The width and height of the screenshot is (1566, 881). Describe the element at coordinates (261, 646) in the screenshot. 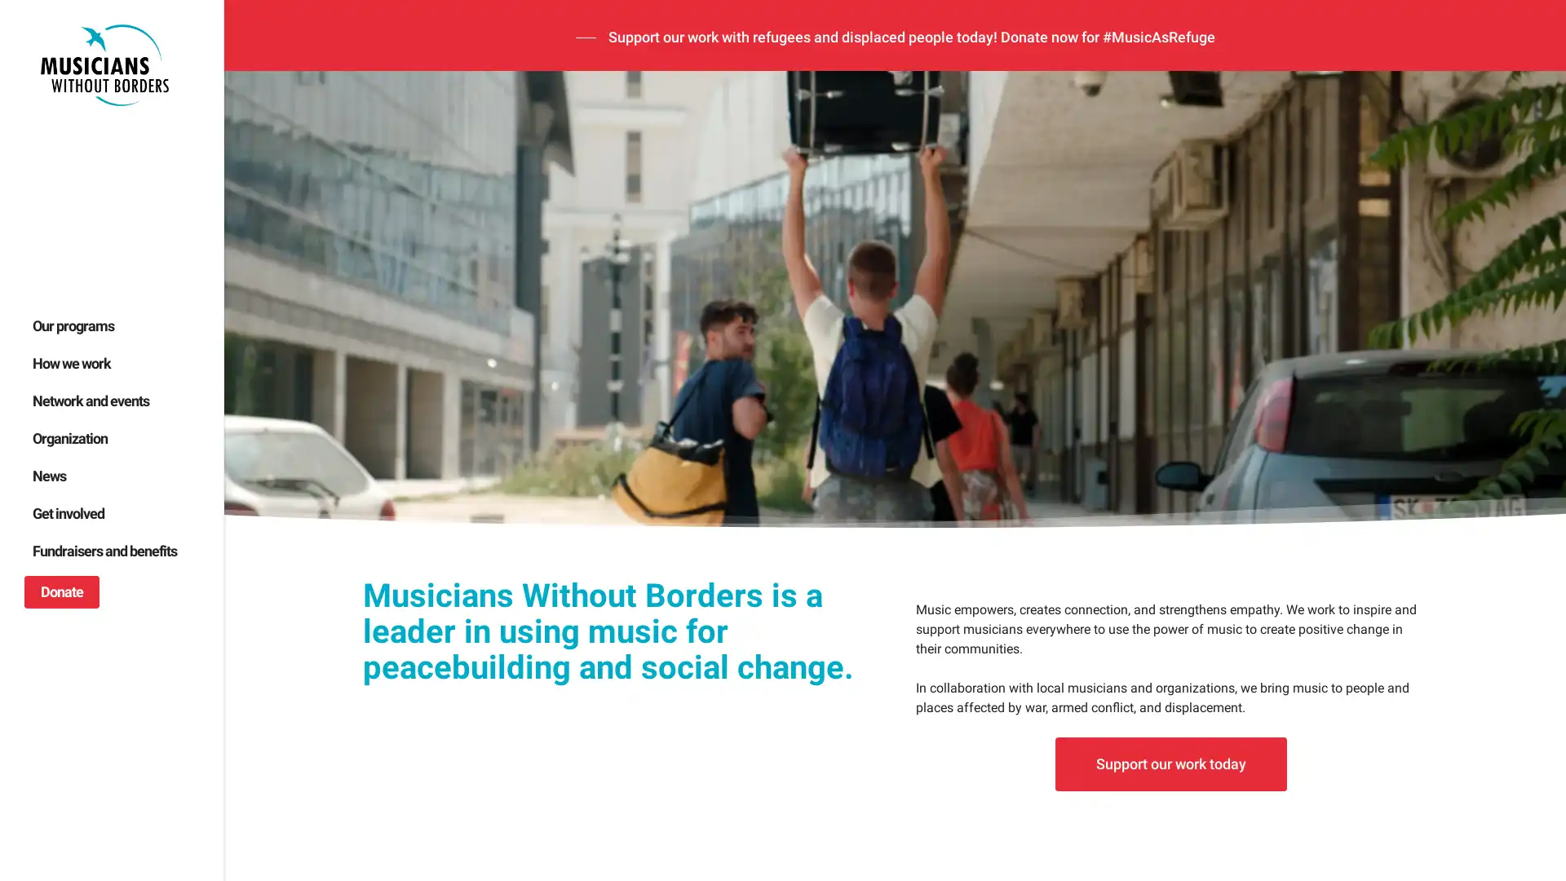

I see `play` at that location.